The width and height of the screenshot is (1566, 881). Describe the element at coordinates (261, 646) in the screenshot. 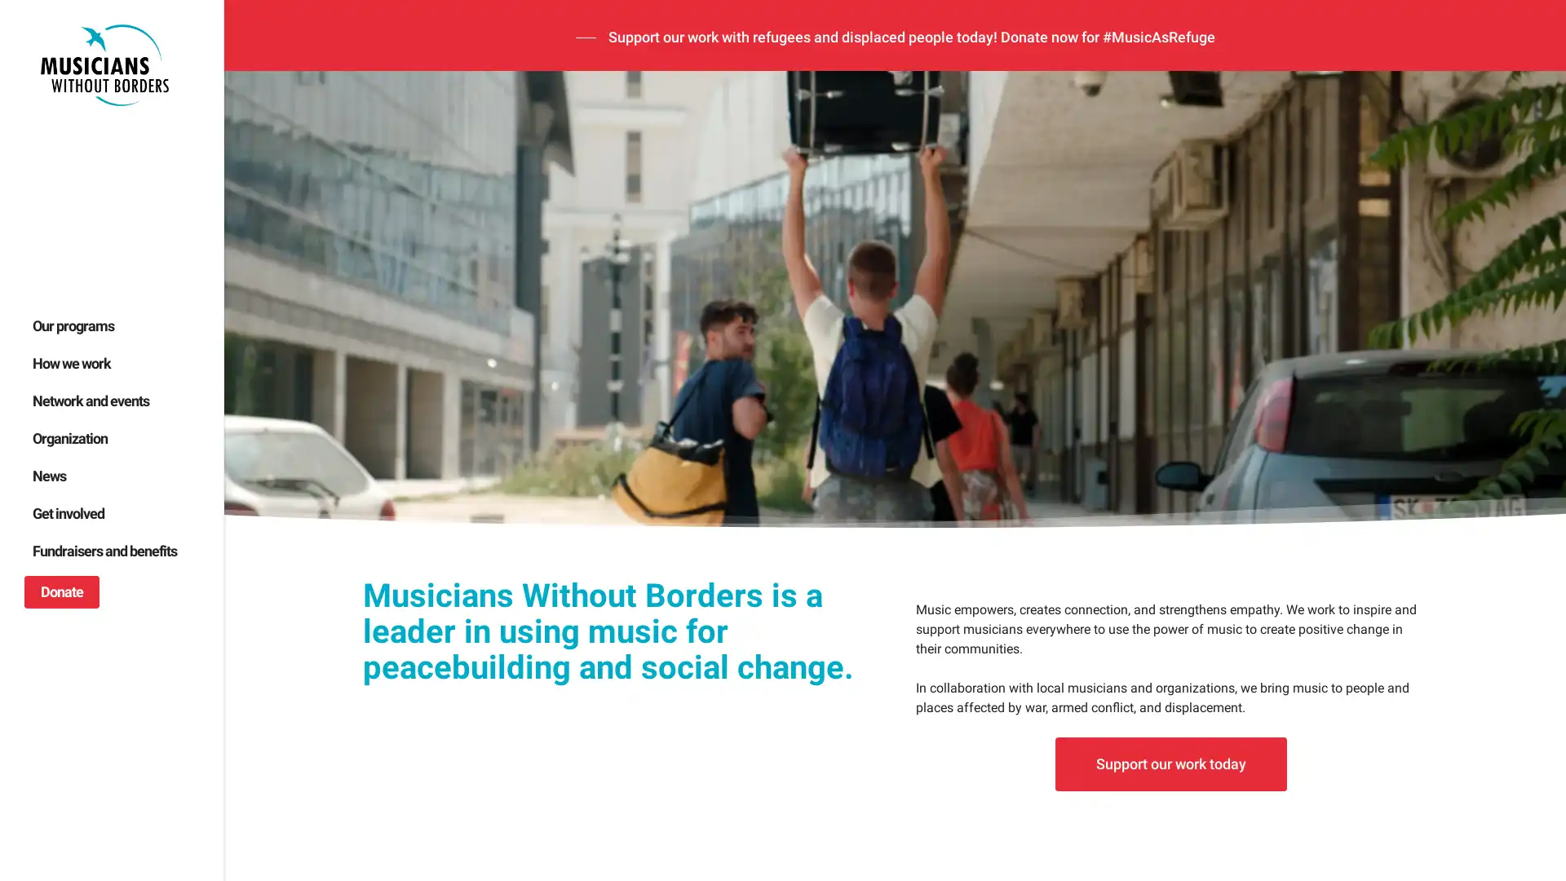

I see `play` at that location.